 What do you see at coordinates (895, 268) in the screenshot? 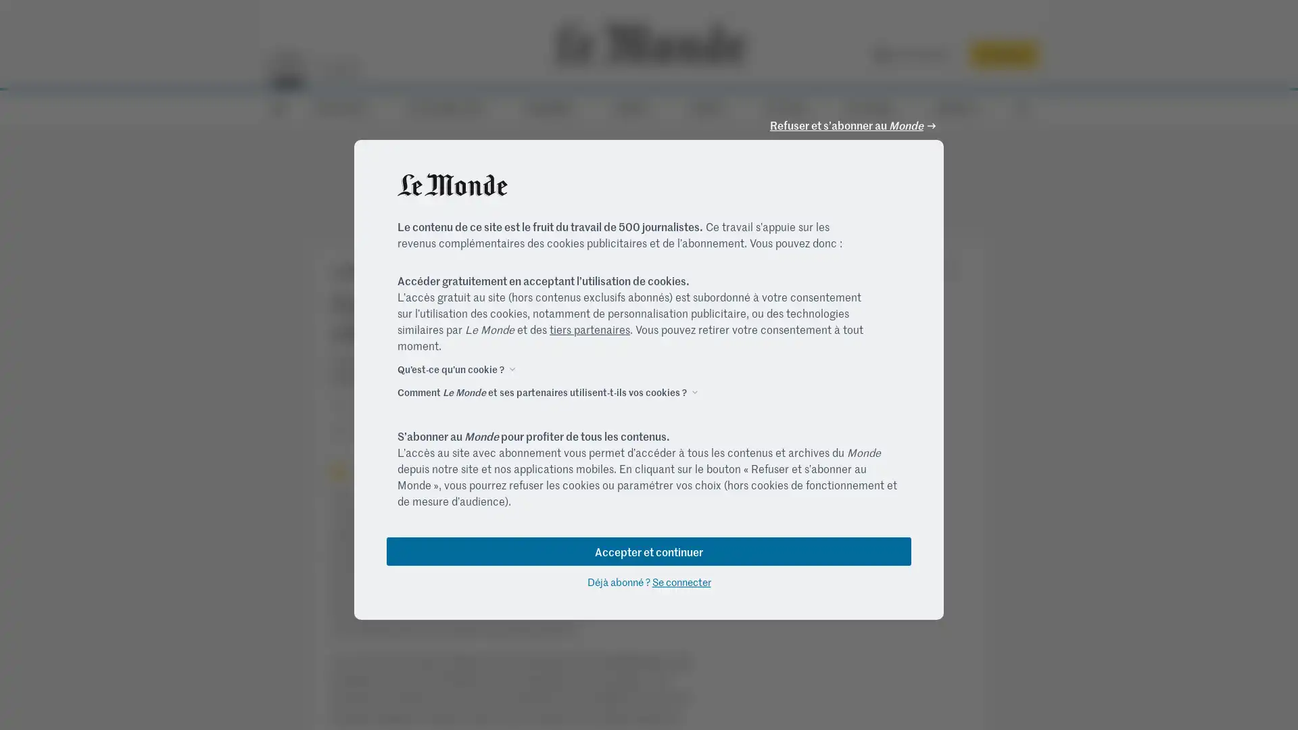
I see `Partage desactive` at bounding box center [895, 268].